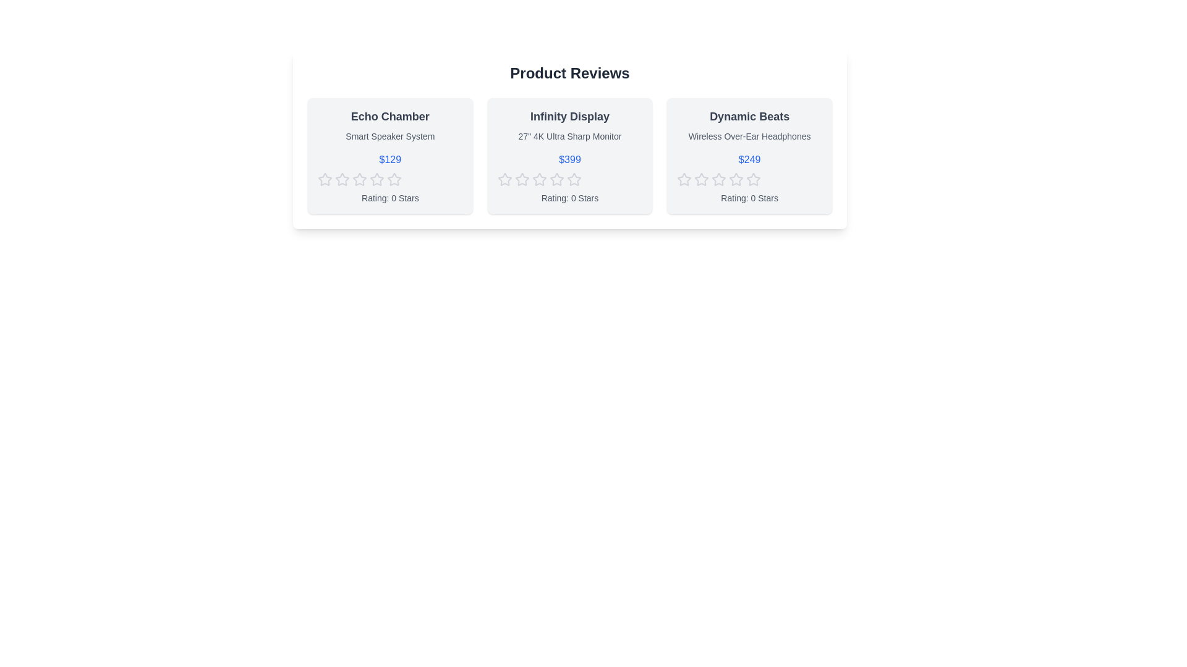  What do you see at coordinates (749, 159) in the screenshot?
I see `the price text element located in the third product card, which displays the cost of the product, positioned below the product description and above the rating stars` at bounding box center [749, 159].